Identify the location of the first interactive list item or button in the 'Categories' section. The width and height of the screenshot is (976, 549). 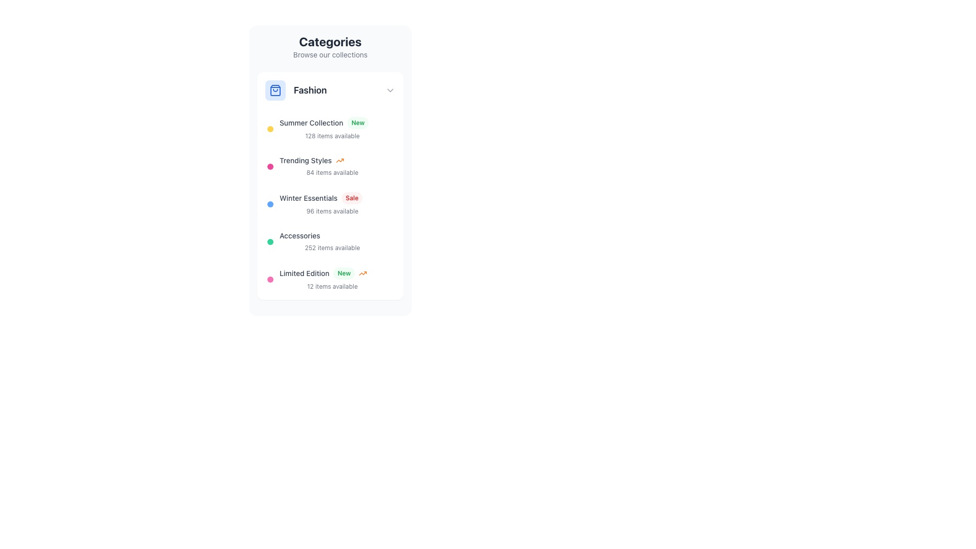
(330, 89).